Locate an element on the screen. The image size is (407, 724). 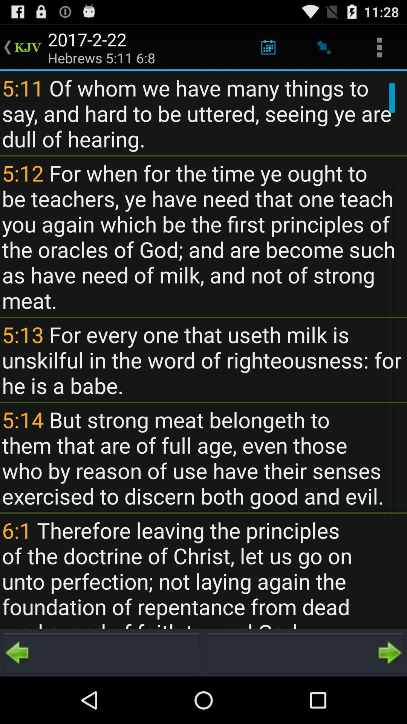
previous is located at coordinates (102, 652).